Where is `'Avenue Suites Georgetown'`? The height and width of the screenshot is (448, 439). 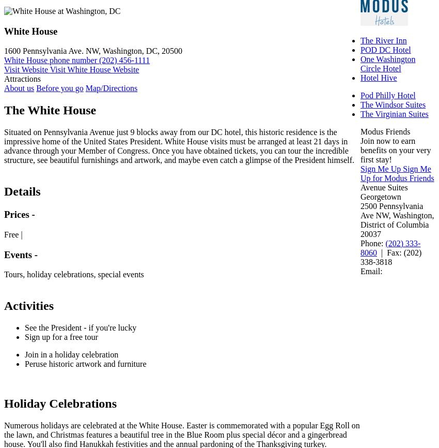
'Avenue Suites Georgetown' is located at coordinates (384, 191).